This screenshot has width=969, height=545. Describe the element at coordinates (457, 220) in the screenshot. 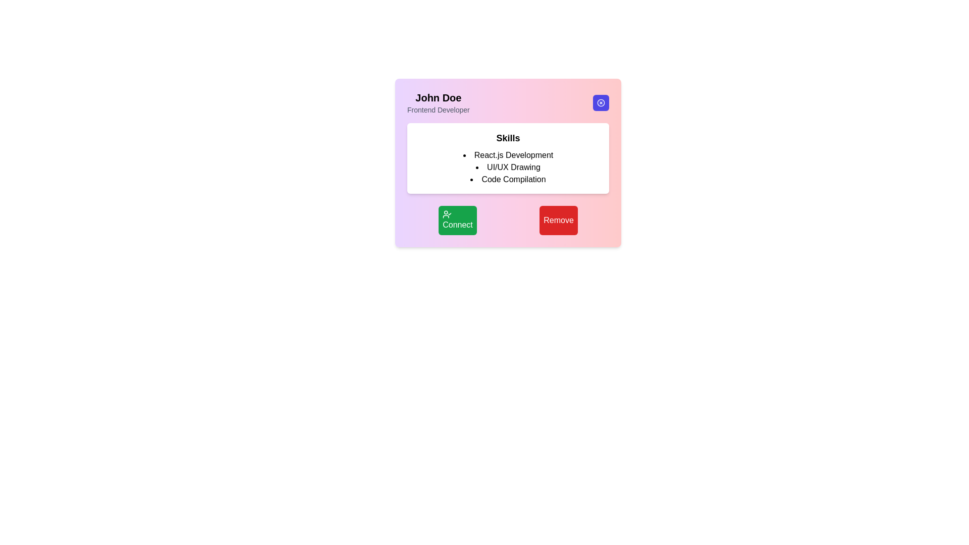

I see `the green button labeled 'Connect' which features a user icon and checkmark` at that location.